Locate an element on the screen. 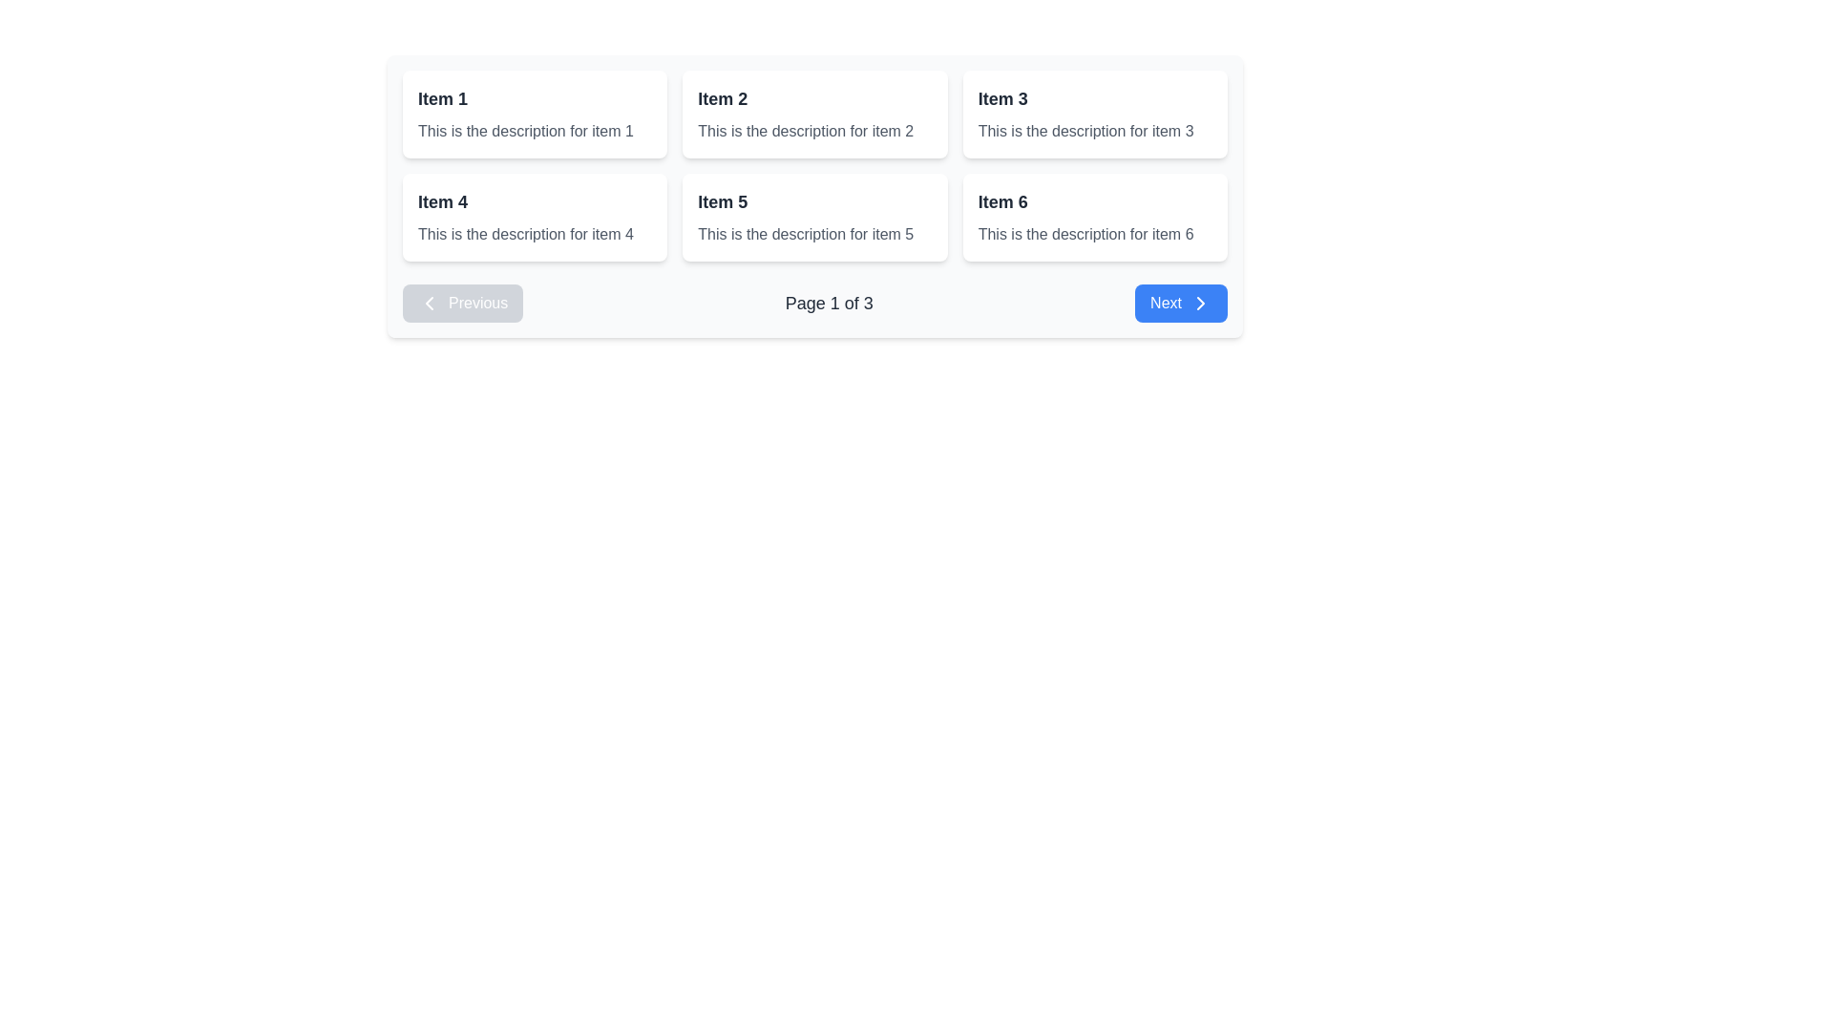  the descriptive text element related to the title 'Item 3' within the 'Item 3' card, positioned below the header text is located at coordinates (1085, 131).